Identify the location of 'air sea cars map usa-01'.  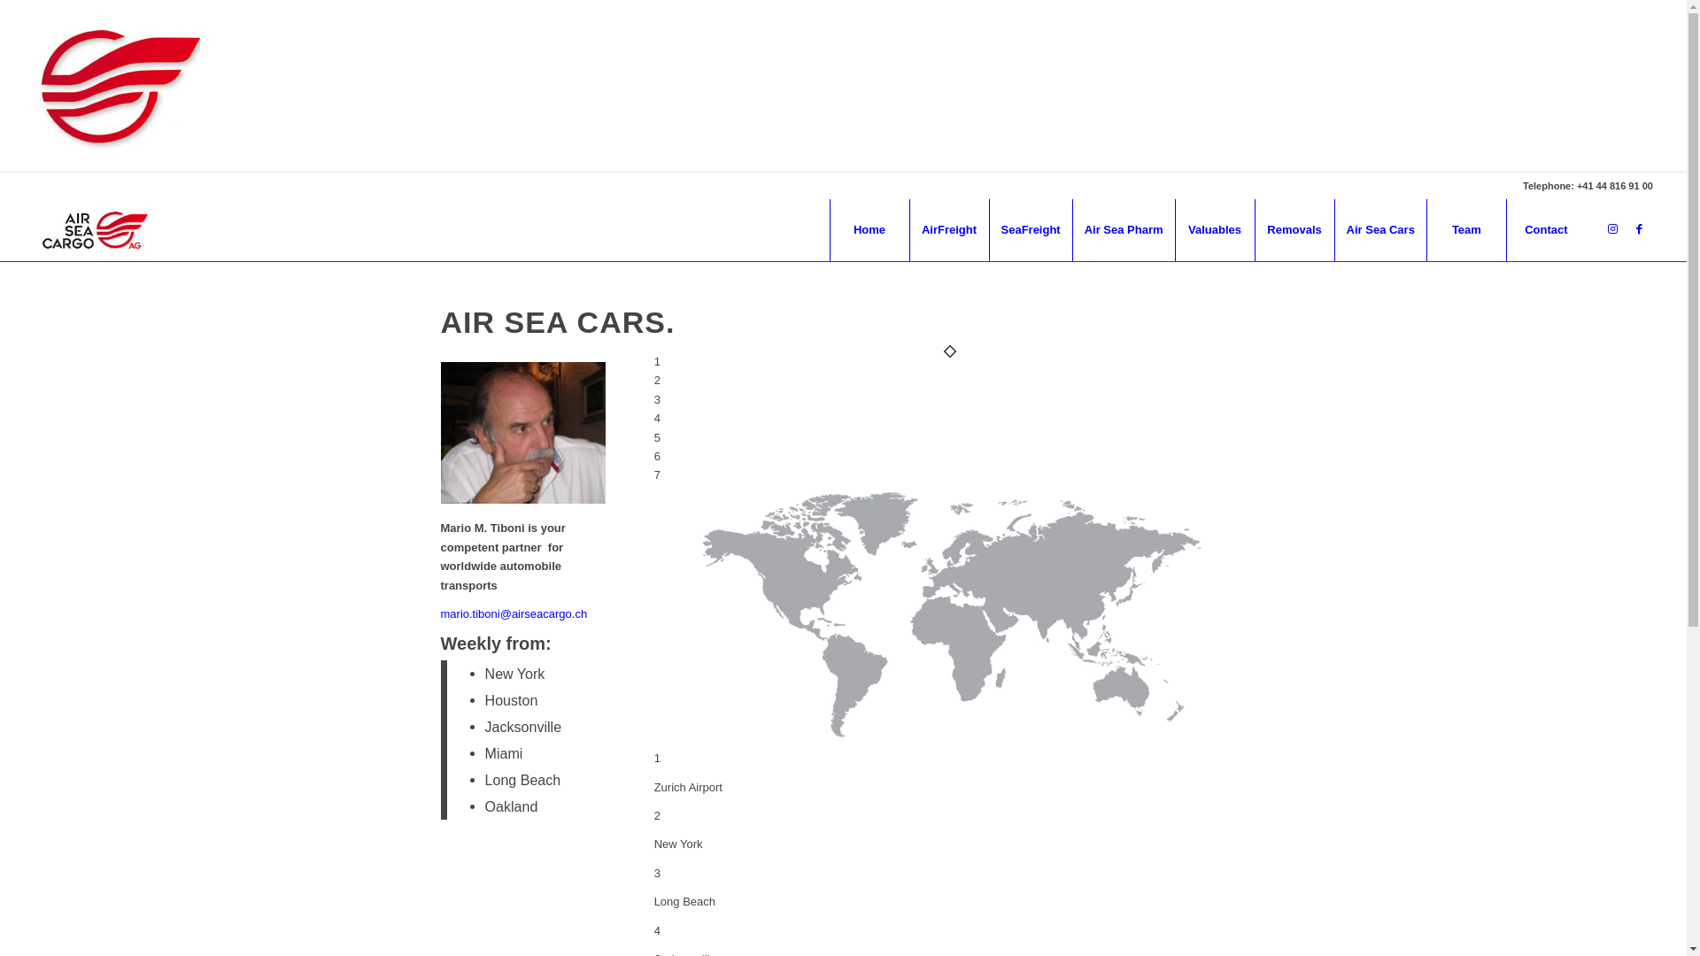
(949, 613).